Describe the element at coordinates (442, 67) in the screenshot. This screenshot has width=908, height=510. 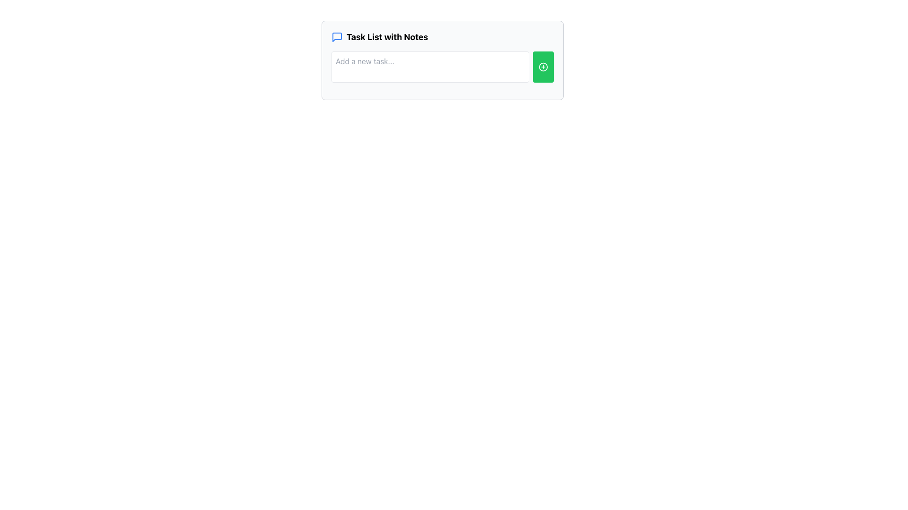
I see `the submit button in the task input form located in the 'Task List with Notes' section` at that location.